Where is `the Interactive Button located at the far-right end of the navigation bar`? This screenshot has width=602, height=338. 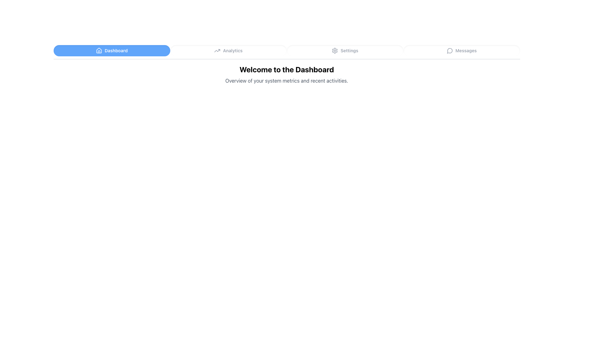 the Interactive Button located at the far-right end of the navigation bar is located at coordinates (462, 50).